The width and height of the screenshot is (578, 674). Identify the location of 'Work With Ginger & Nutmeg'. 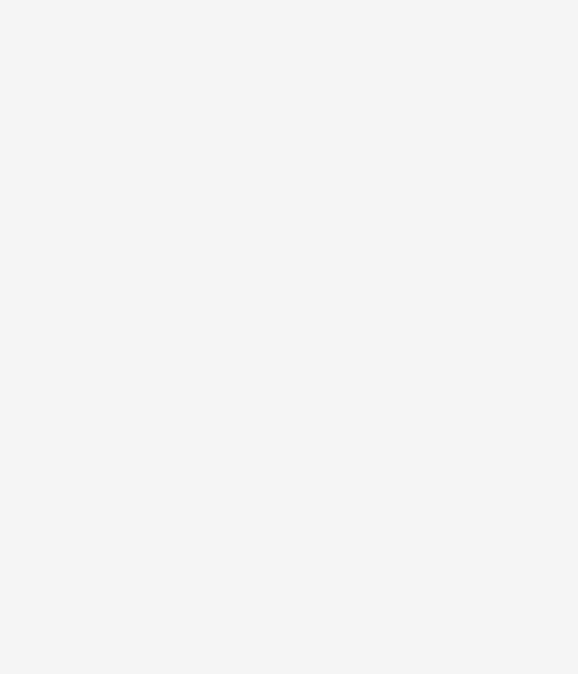
(44, 379).